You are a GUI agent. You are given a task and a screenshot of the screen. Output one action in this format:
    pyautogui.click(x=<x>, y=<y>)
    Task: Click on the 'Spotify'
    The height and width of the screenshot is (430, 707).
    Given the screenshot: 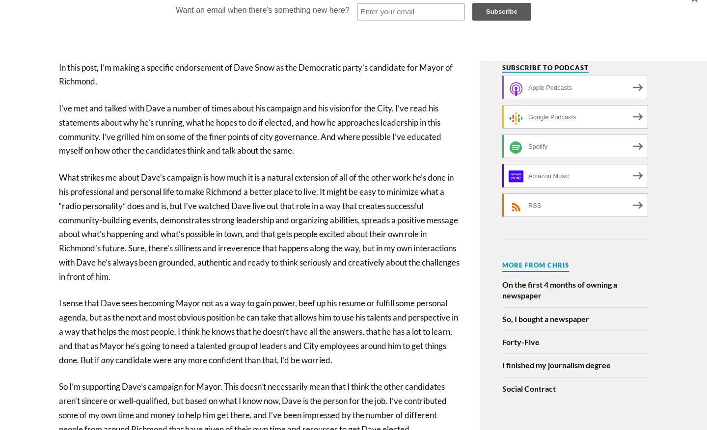 What is the action you would take?
    pyautogui.click(x=528, y=146)
    